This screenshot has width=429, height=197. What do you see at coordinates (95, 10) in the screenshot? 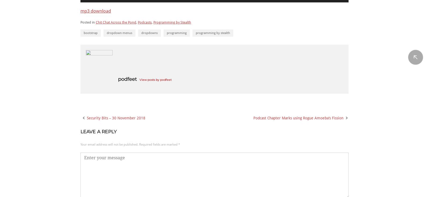
I see `'mp3 download'` at bounding box center [95, 10].